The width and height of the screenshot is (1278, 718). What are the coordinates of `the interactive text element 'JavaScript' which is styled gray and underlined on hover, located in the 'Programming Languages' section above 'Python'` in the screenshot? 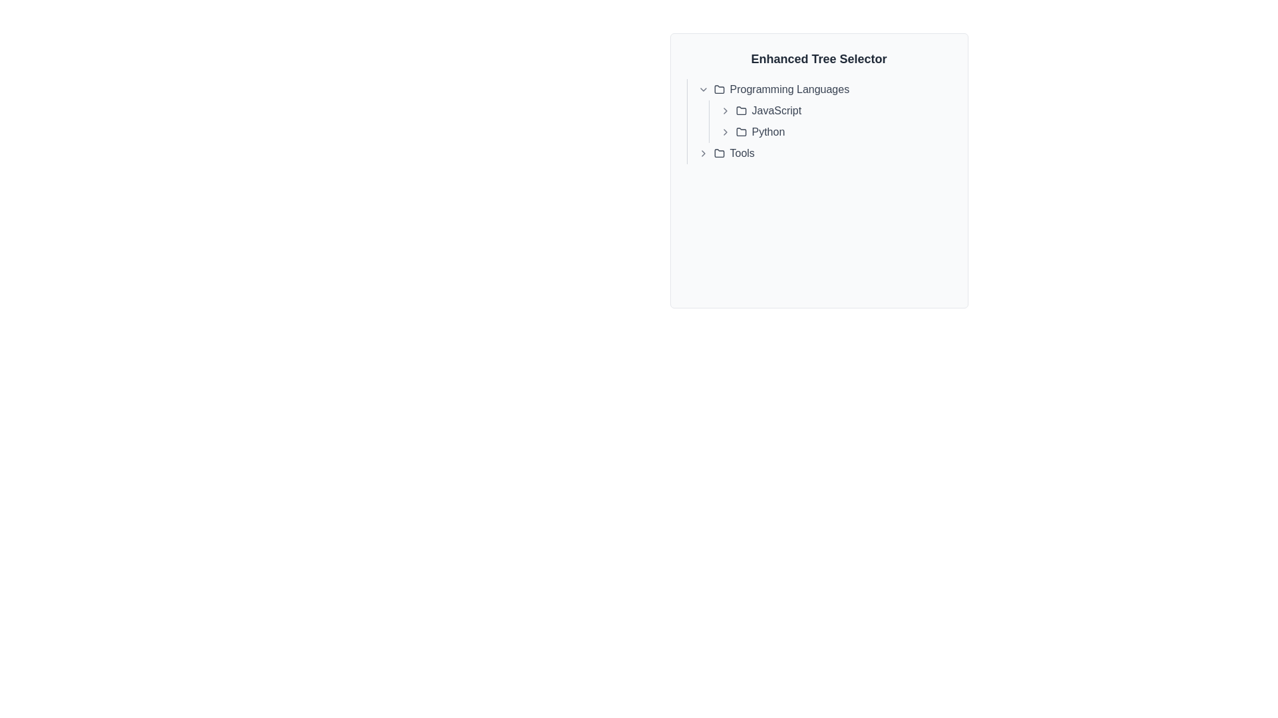 It's located at (768, 110).